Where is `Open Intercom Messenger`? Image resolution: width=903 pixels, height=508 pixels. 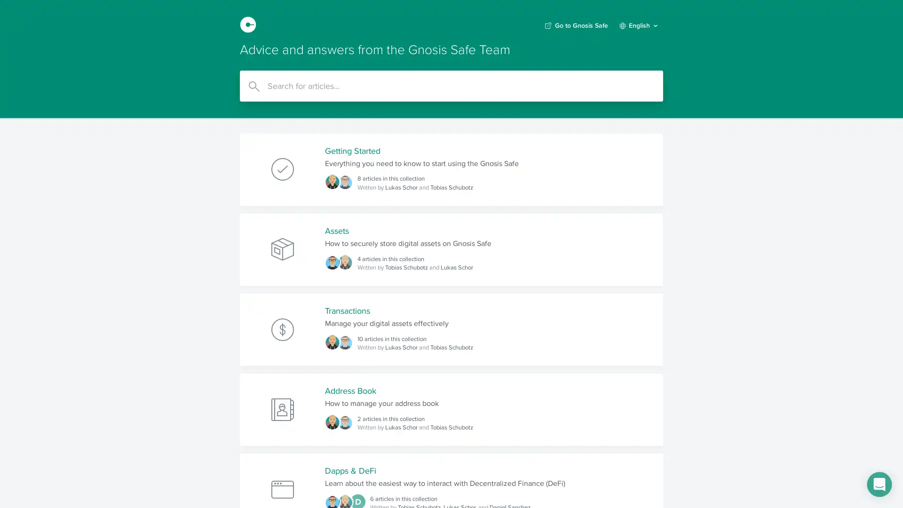 Open Intercom Messenger is located at coordinates (879, 484).